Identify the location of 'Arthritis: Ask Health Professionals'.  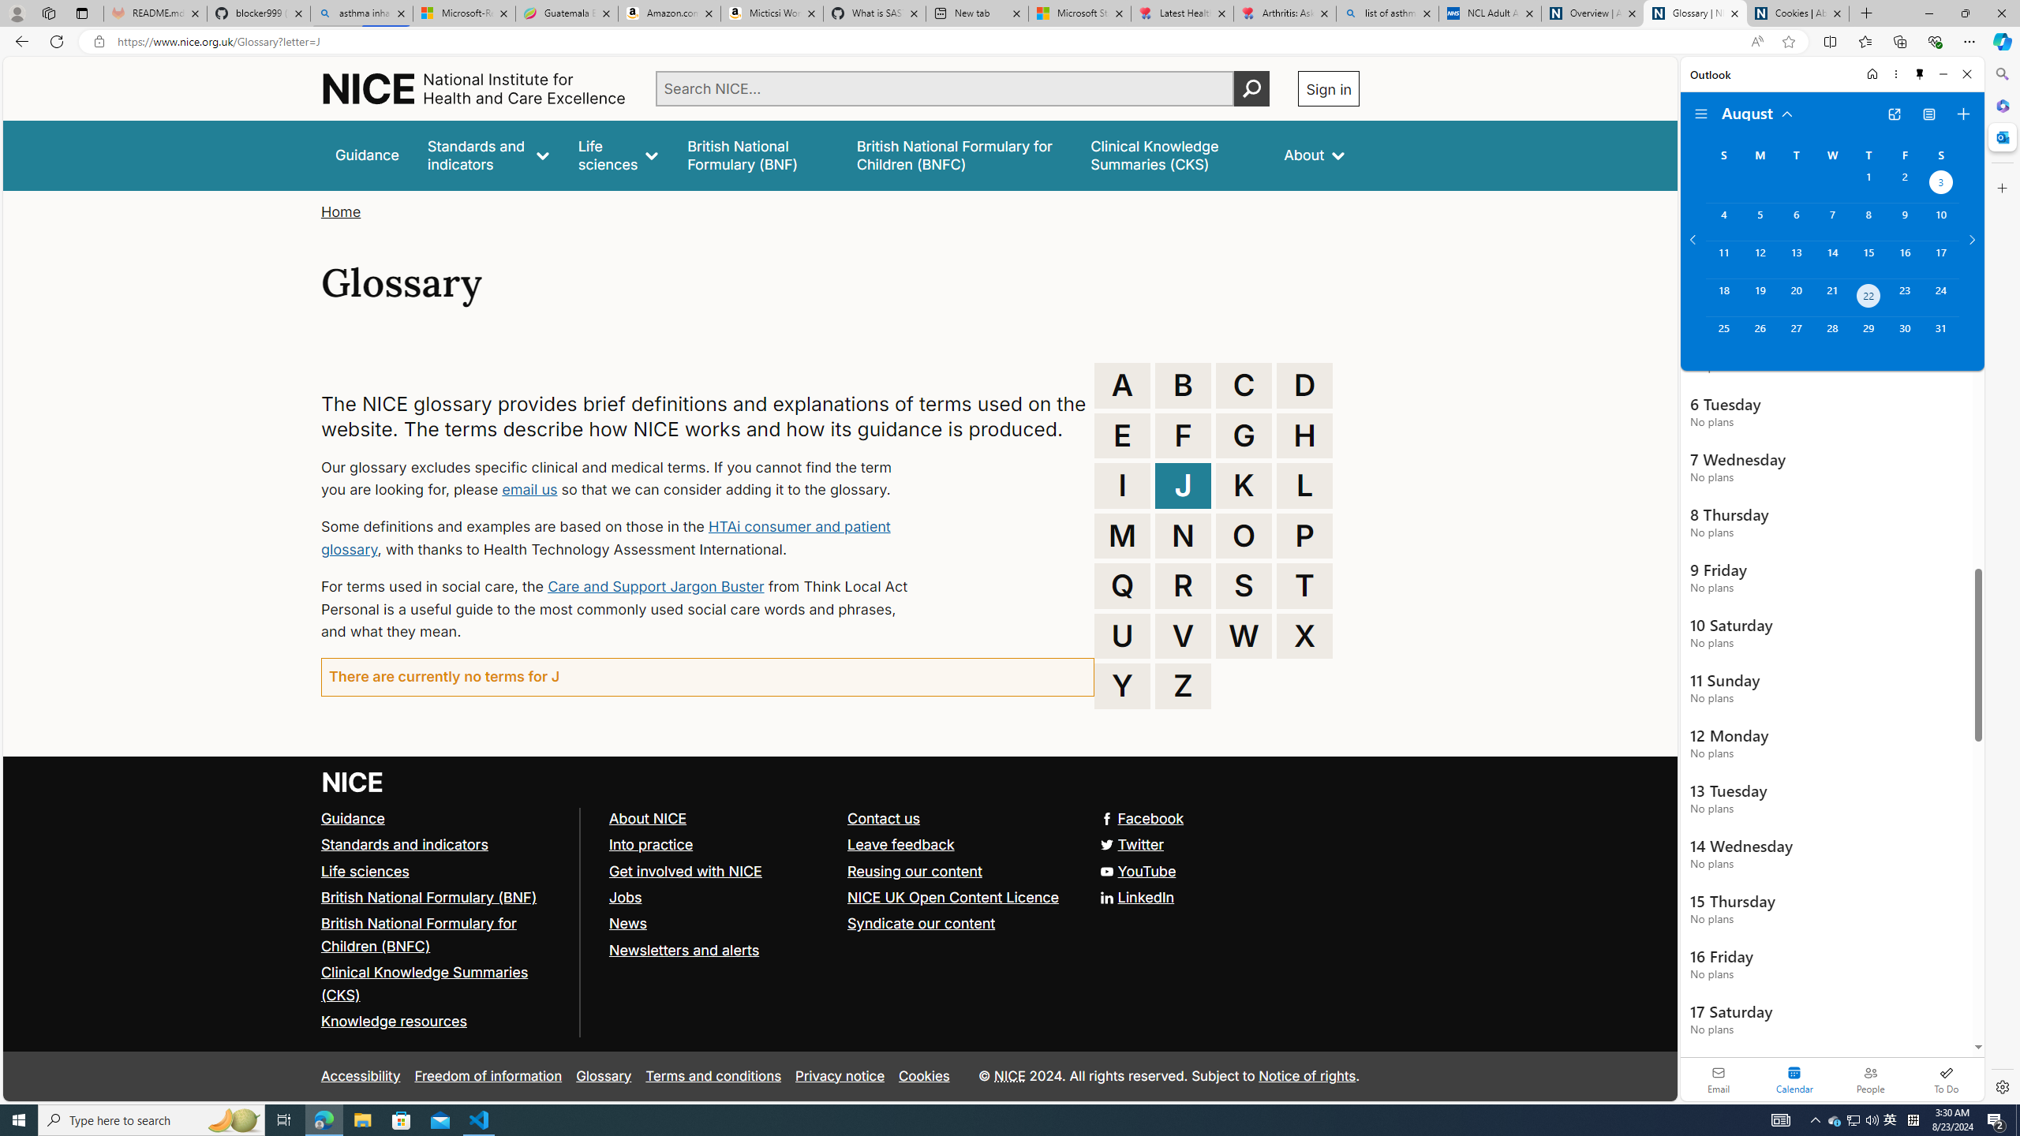
(1284, 13).